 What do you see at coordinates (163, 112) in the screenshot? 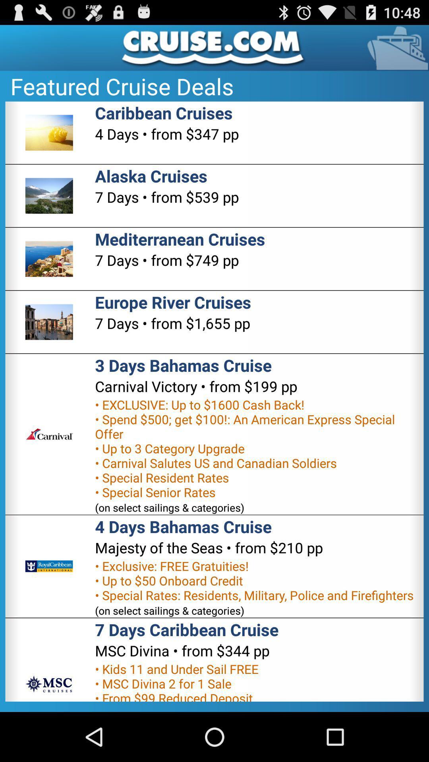
I see `the item below the featured cruise deals icon` at bounding box center [163, 112].